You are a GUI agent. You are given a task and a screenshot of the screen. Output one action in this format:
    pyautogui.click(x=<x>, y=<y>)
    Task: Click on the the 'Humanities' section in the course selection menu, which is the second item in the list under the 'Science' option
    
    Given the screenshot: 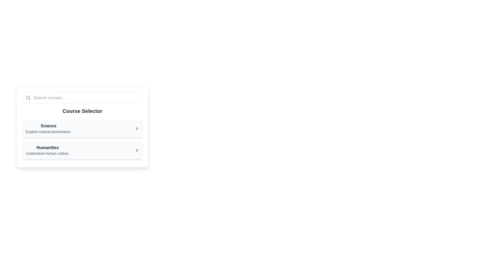 What is the action you would take?
    pyautogui.click(x=82, y=150)
    